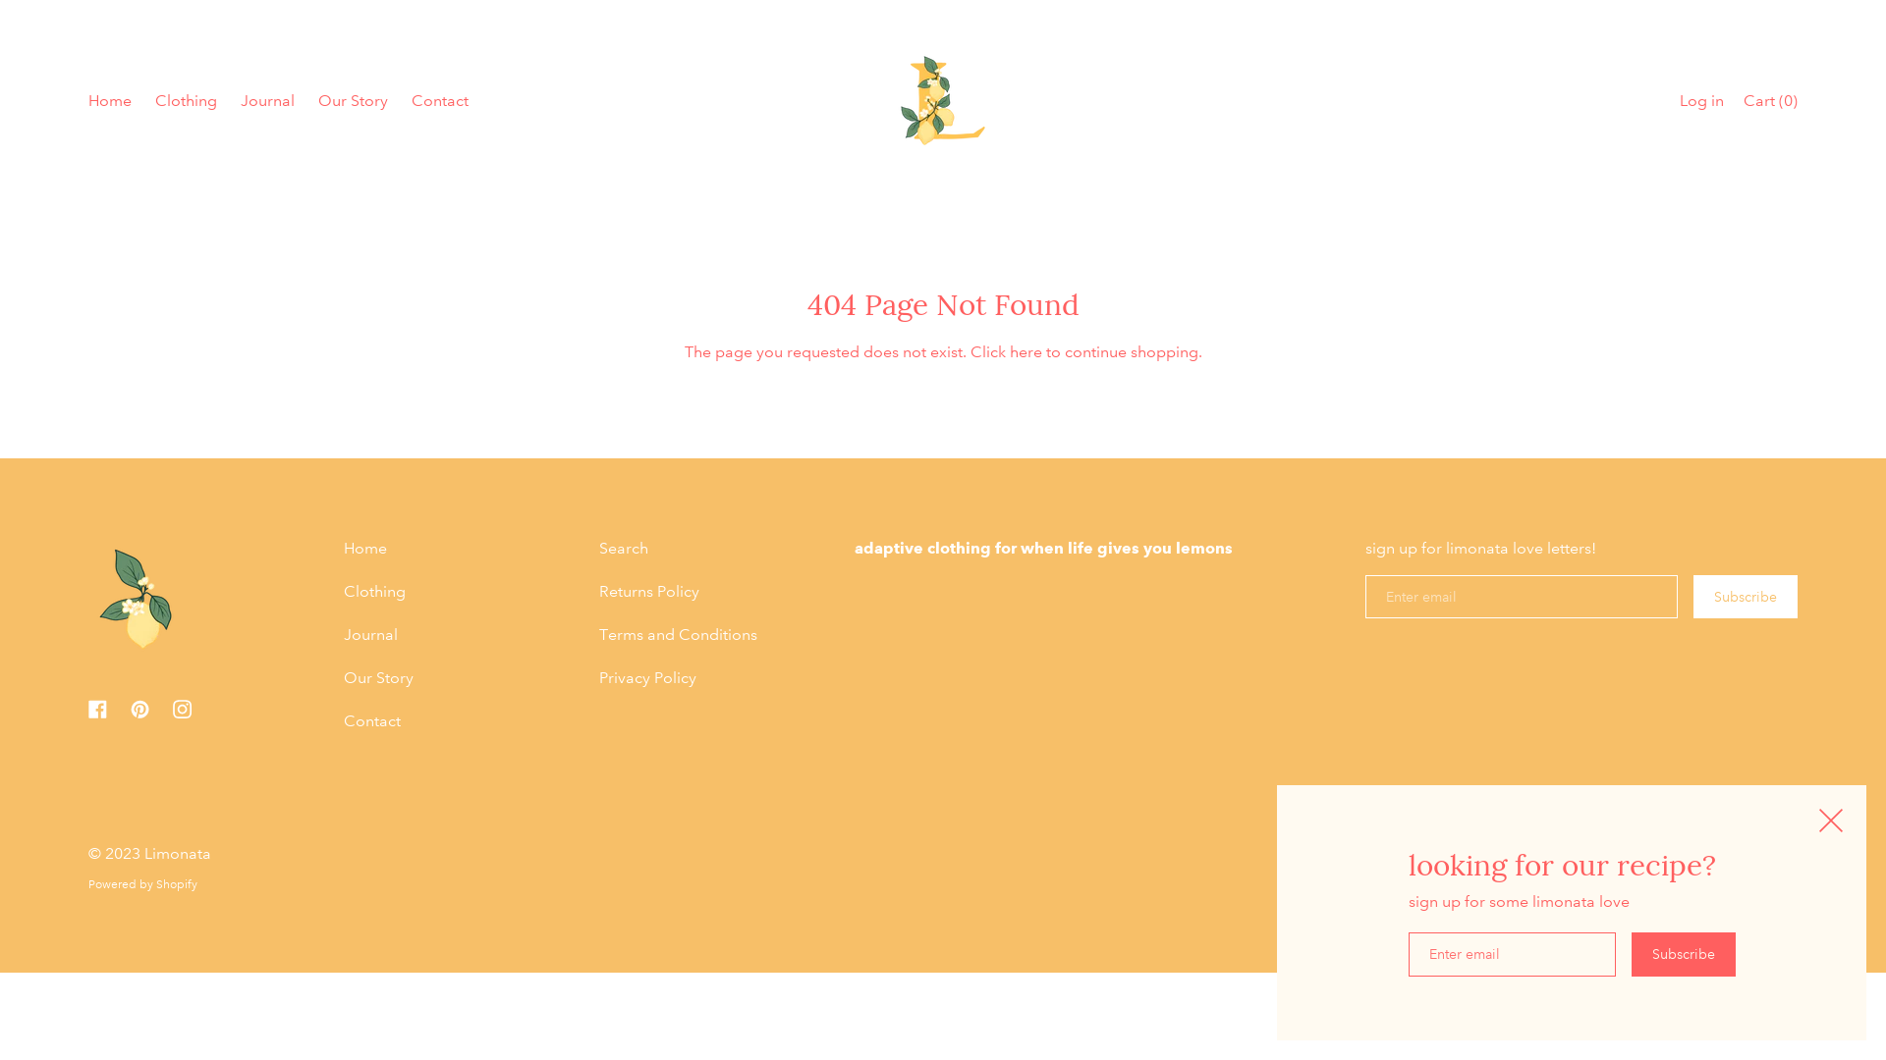  What do you see at coordinates (438, 102) in the screenshot?
I see `'Contact'` at bounding box center [438, 102].